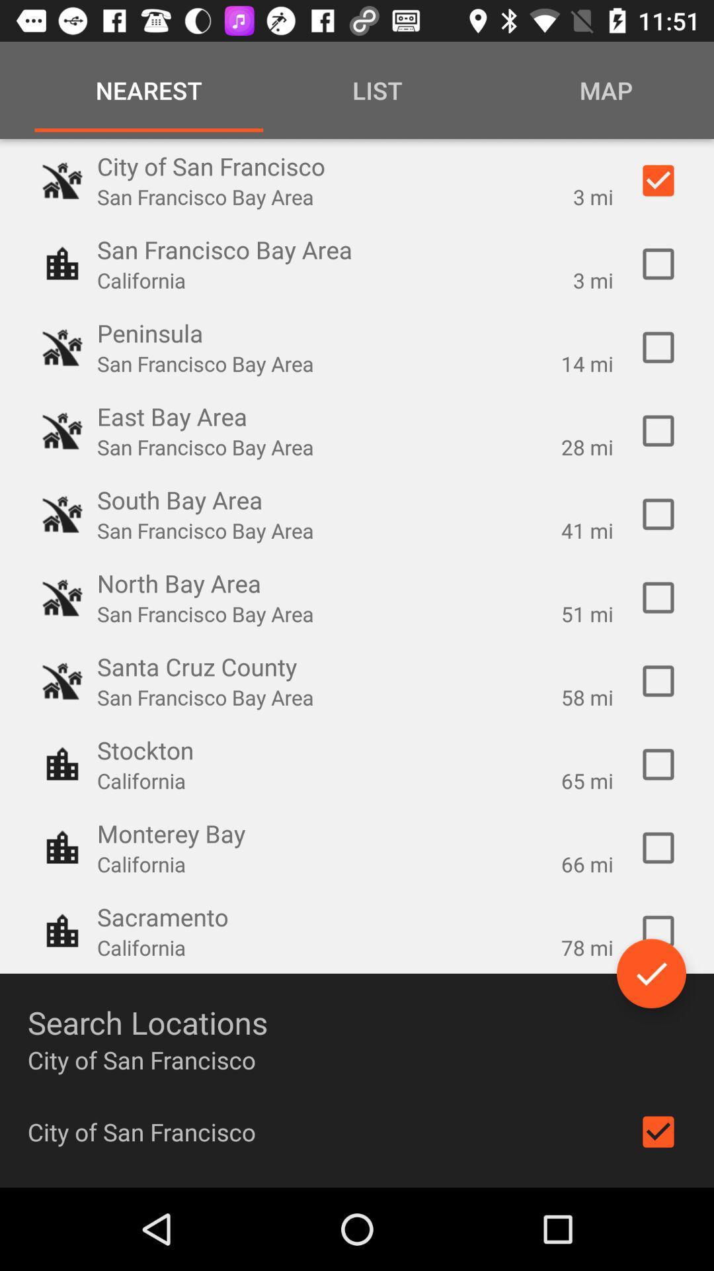 This screenshot has height=1271, width=714. Describe the element at coordinates (602, 90) in the screenshot. I see `the text map at the bottom` at that location.